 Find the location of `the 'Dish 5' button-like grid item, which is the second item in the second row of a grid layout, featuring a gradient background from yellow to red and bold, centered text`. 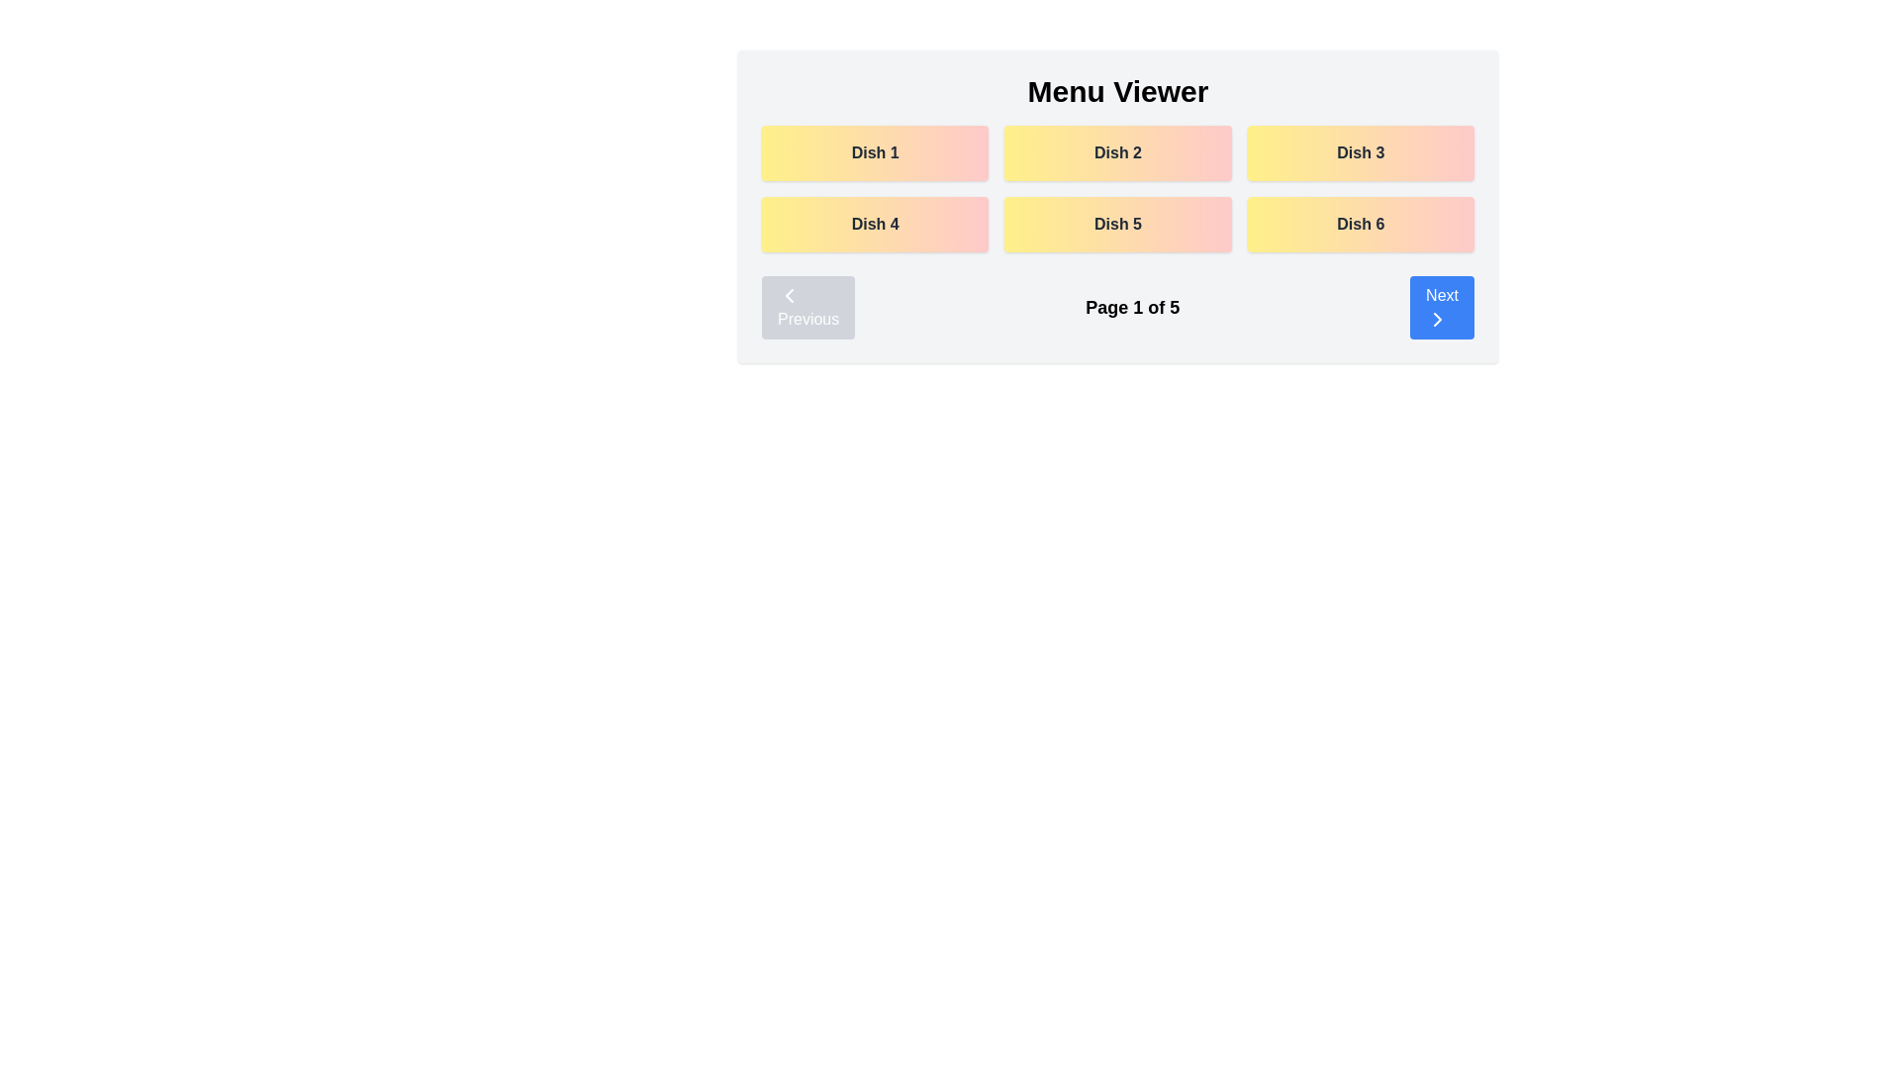

the 'Dish 5' button-like grid item, which is the second item in the second row of a grid layout, featuring a gradient background from yellow to red and bold, centered text is located at coordinates (1117, 206).